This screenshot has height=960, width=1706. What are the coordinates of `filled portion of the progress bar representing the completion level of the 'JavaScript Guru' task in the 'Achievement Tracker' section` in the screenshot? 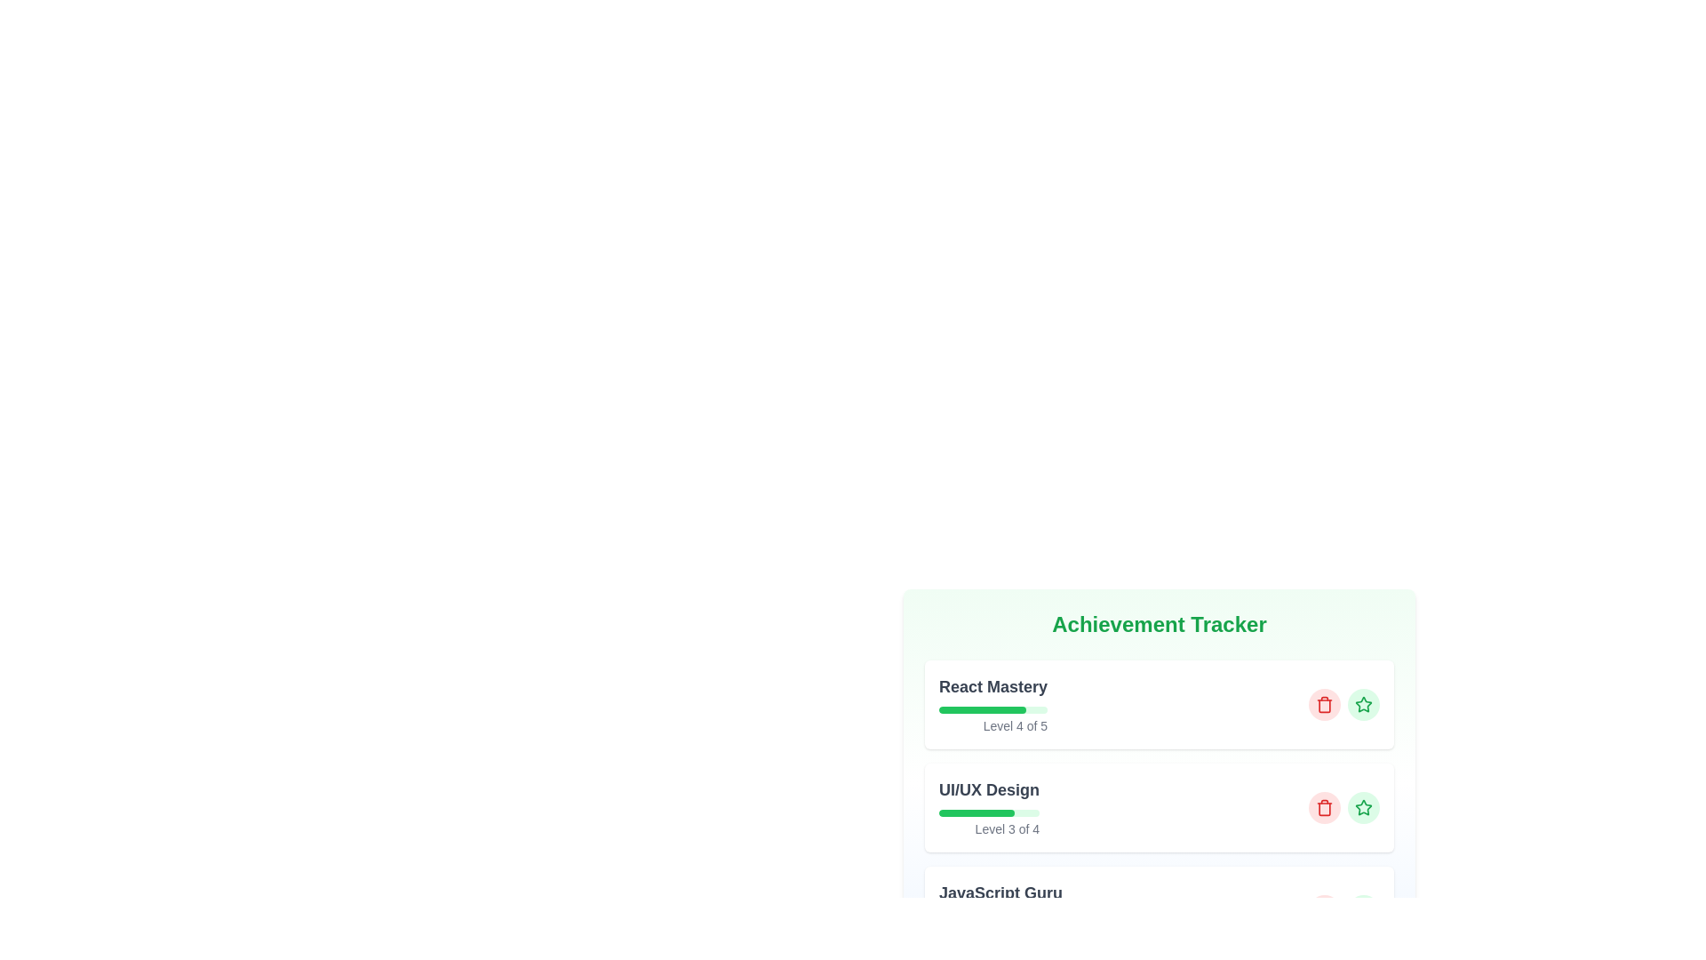 It's located at (979, 916).